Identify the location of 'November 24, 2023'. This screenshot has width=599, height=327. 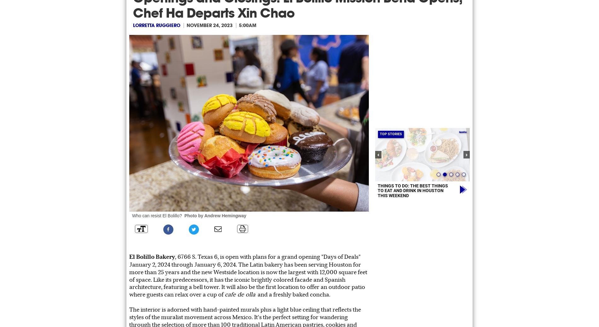
(210, 25).